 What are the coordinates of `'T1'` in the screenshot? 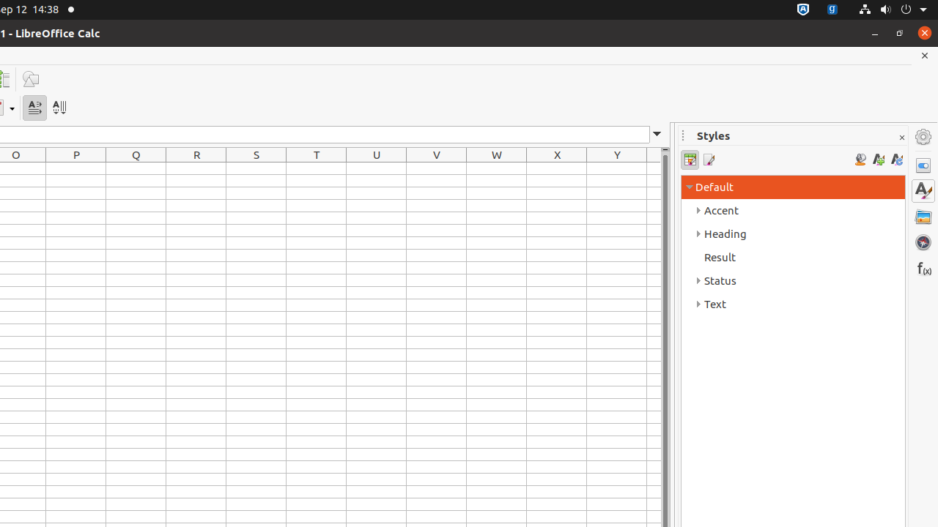 It's located at (316, 168).